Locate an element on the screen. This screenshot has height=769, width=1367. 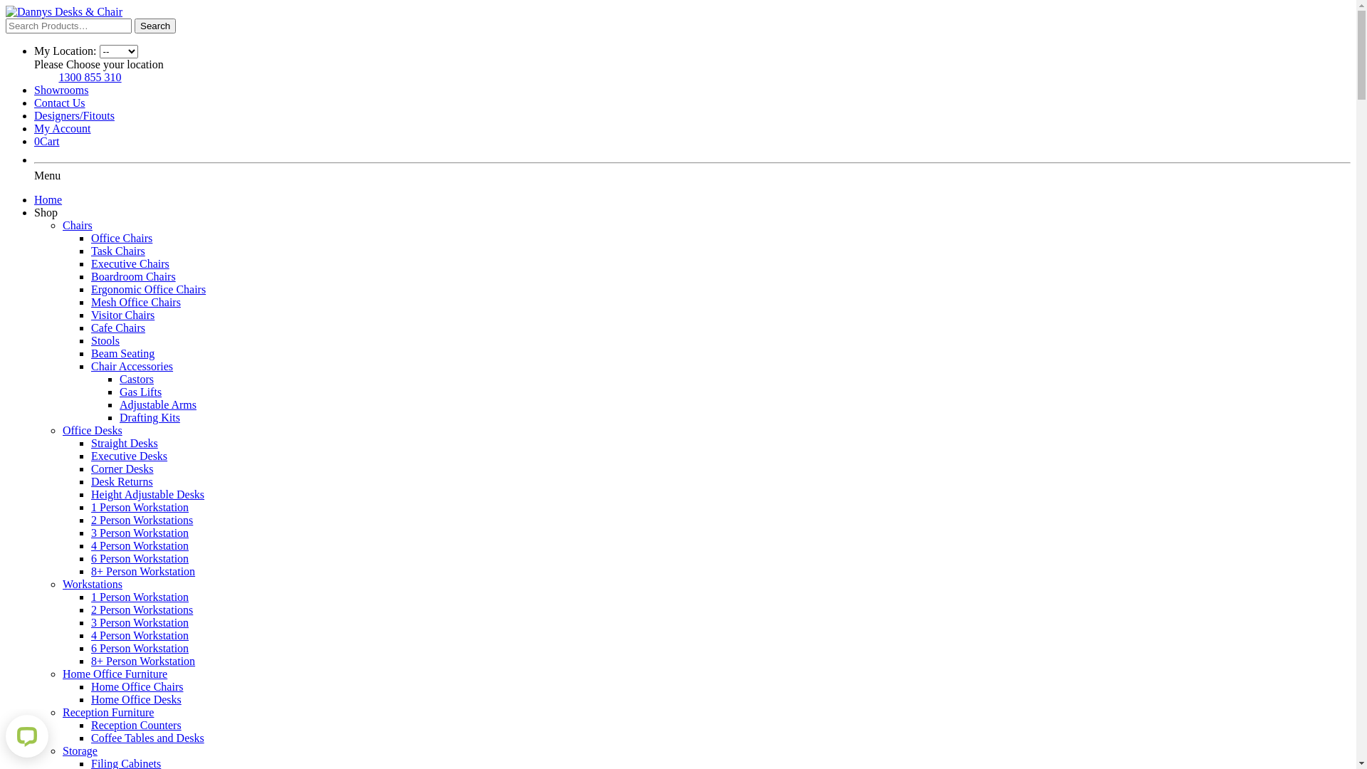
'Castors' is located at coordinates (120, 378).